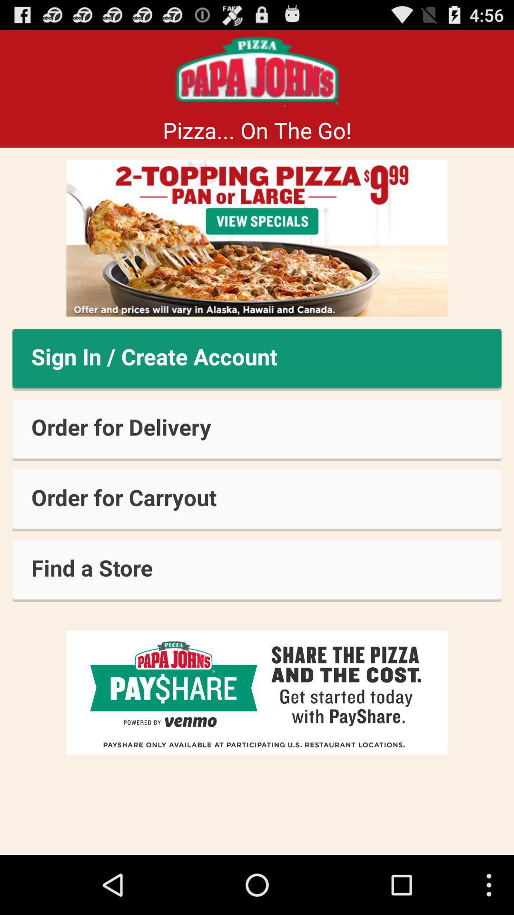  I want to click on button below order for carryout item, so click(257, 571).